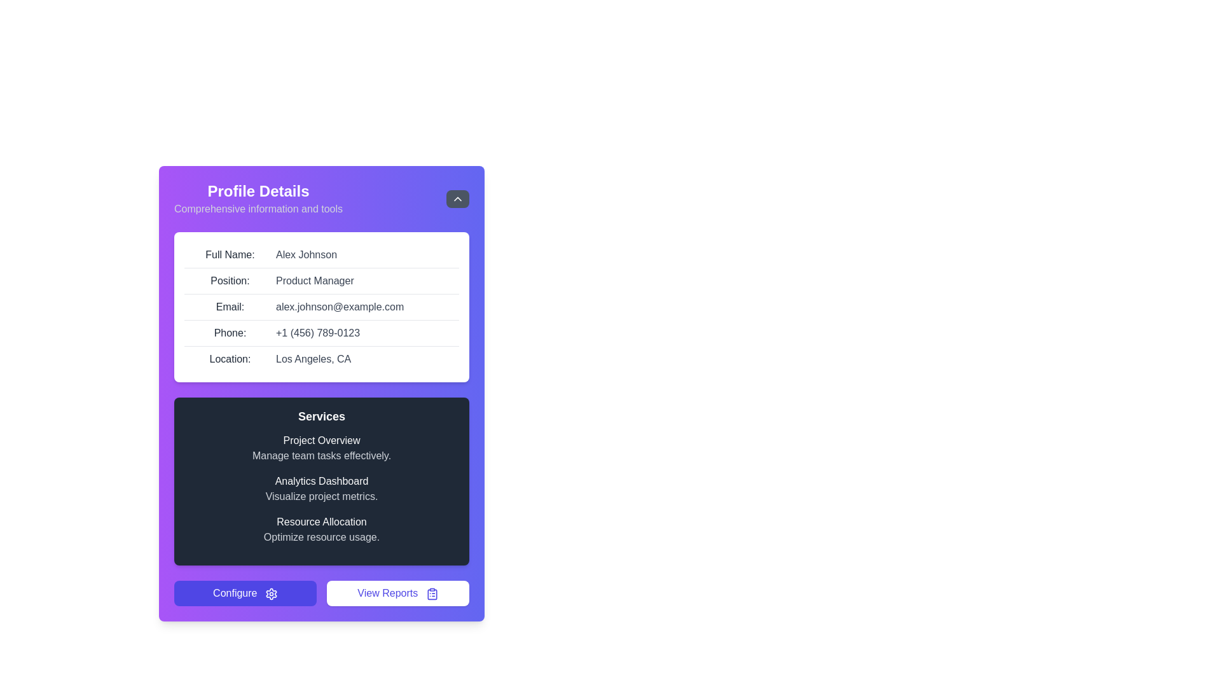  What do you see at coordinates (321, 448) in the screenshot?
I see `the informational text block located under the 'Services' section, directly beneath the title 'Services' and above 'Analytics Dashboard'` at bounding box center [321, 448].